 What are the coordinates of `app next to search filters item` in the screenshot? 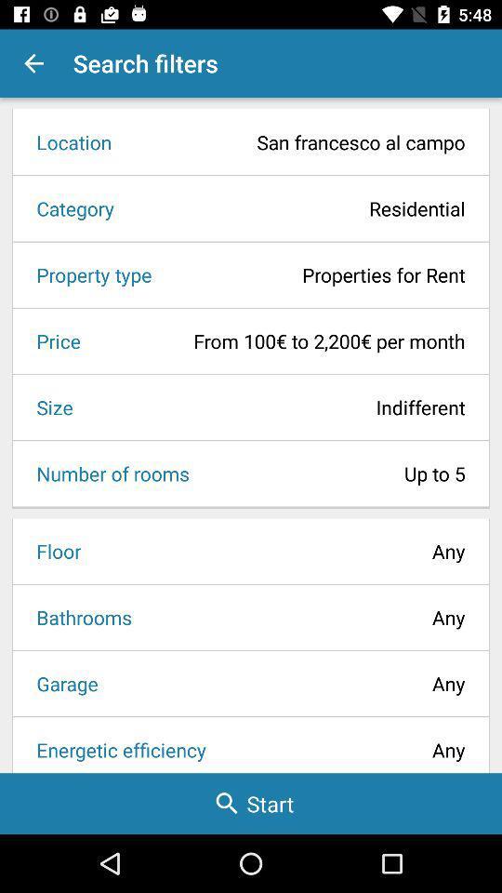 It's located at (33, 63).